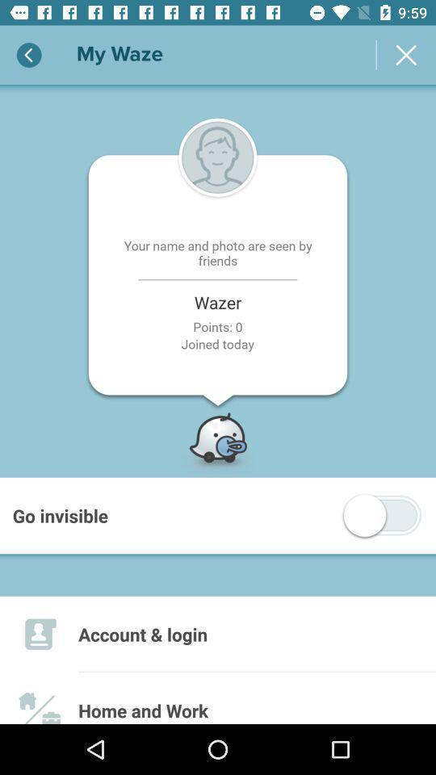 The image size is (436, 775). Describe the element at coordinates (29, 55) in the screenshot. I see `previous` at that location.